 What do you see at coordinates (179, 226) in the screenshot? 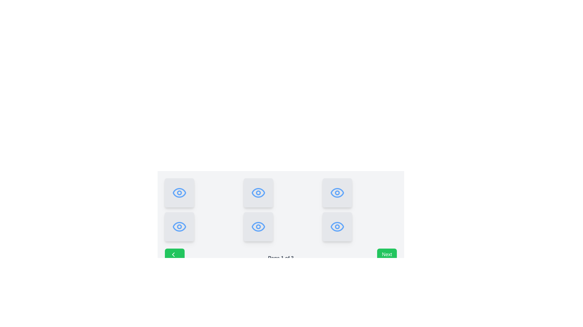
I see `the interactive button with an eye icon located in the second column of the second row within a grid layout` at bounding box center [179, 226].